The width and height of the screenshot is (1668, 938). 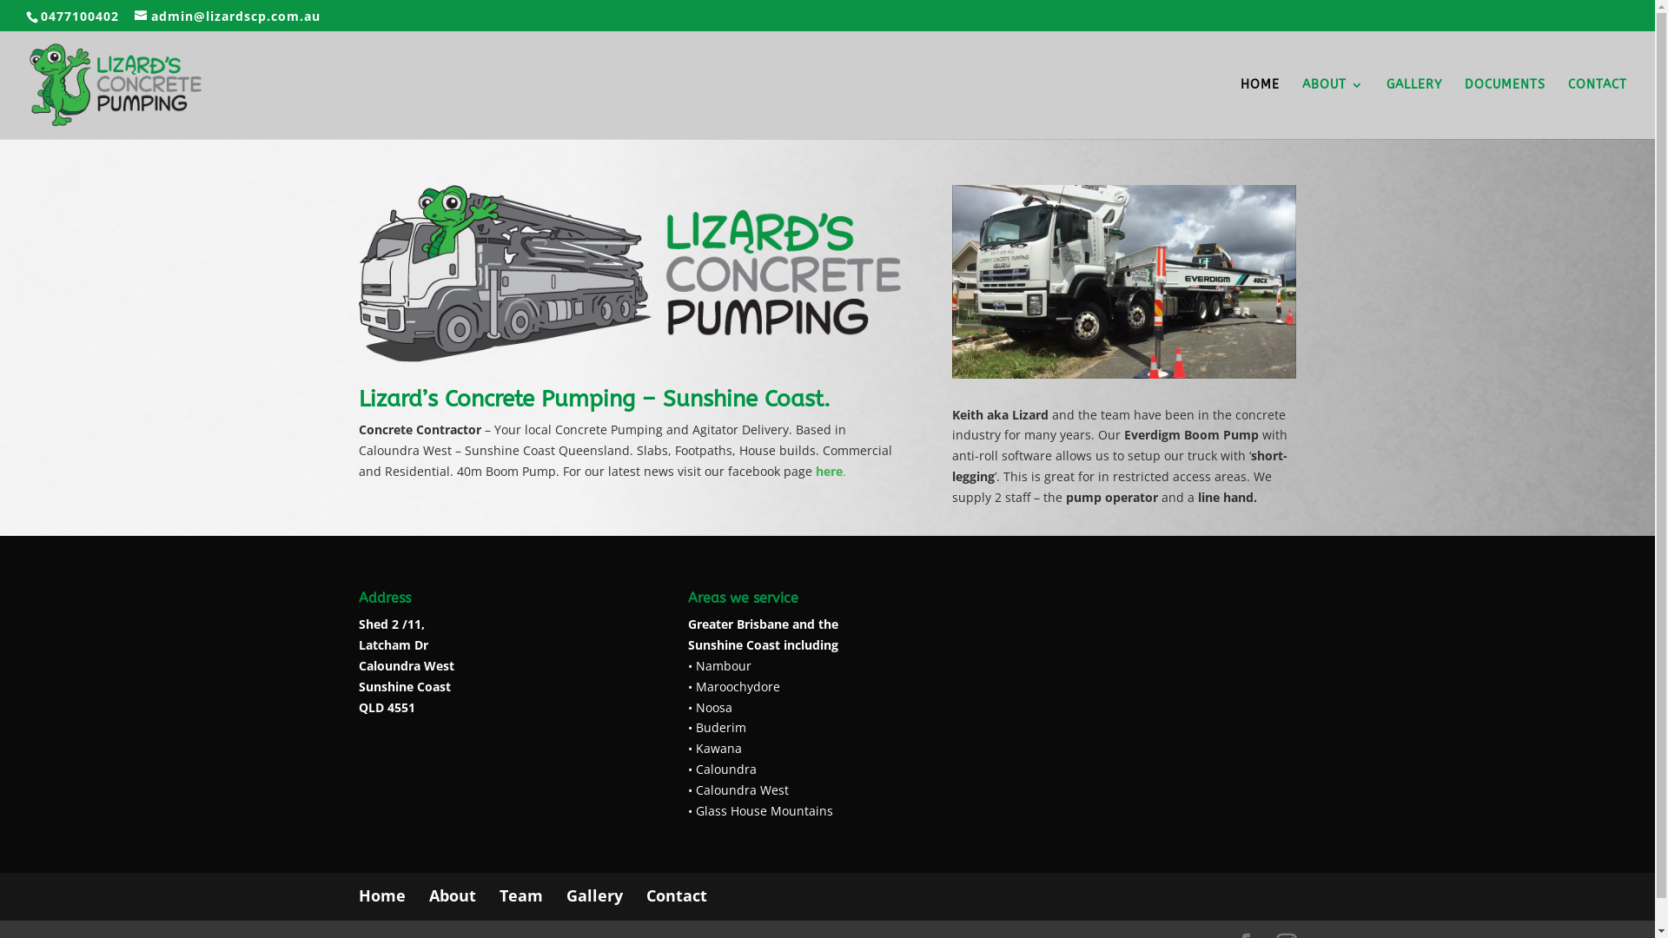 What do you see at coordinates (453, 895) in the screenshot?
I see `'About'` at bounding box center [453, 895].